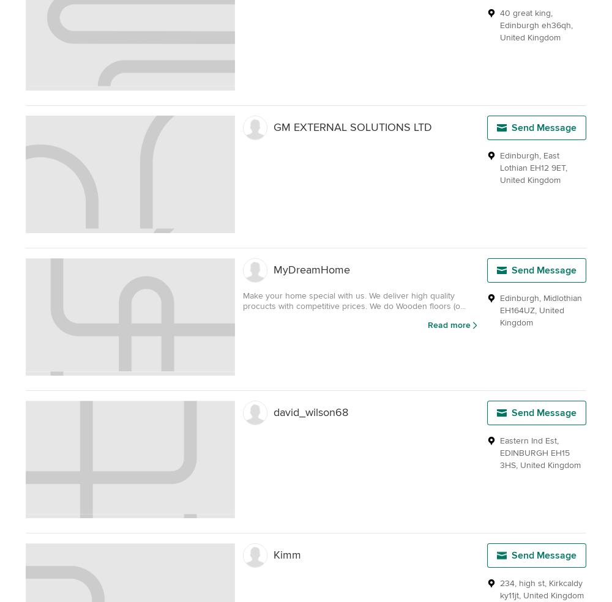 This screenshot has height=602, width=612. I want to click on 'david_wilson68', so click(311, 412).